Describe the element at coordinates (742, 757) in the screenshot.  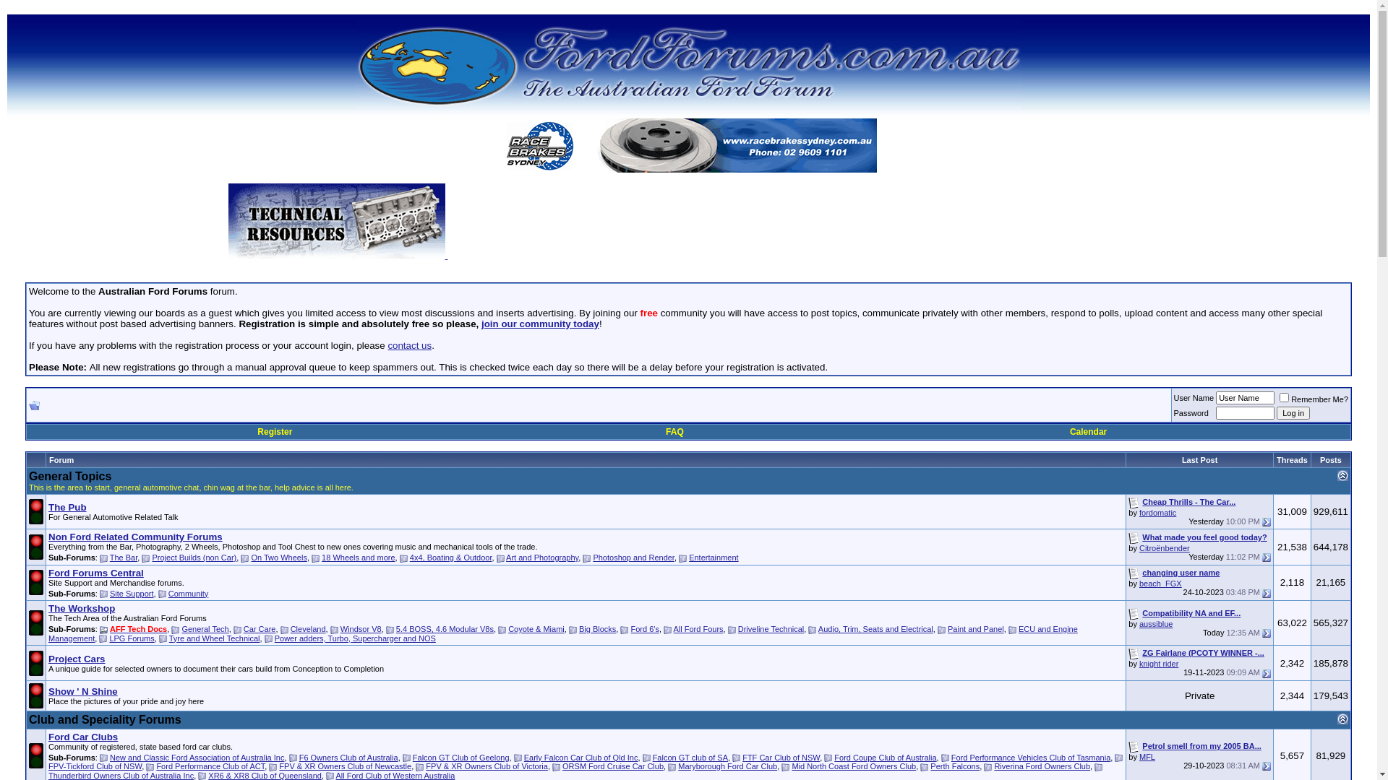
I see `'FTF Car Club of NSW'` at that location.